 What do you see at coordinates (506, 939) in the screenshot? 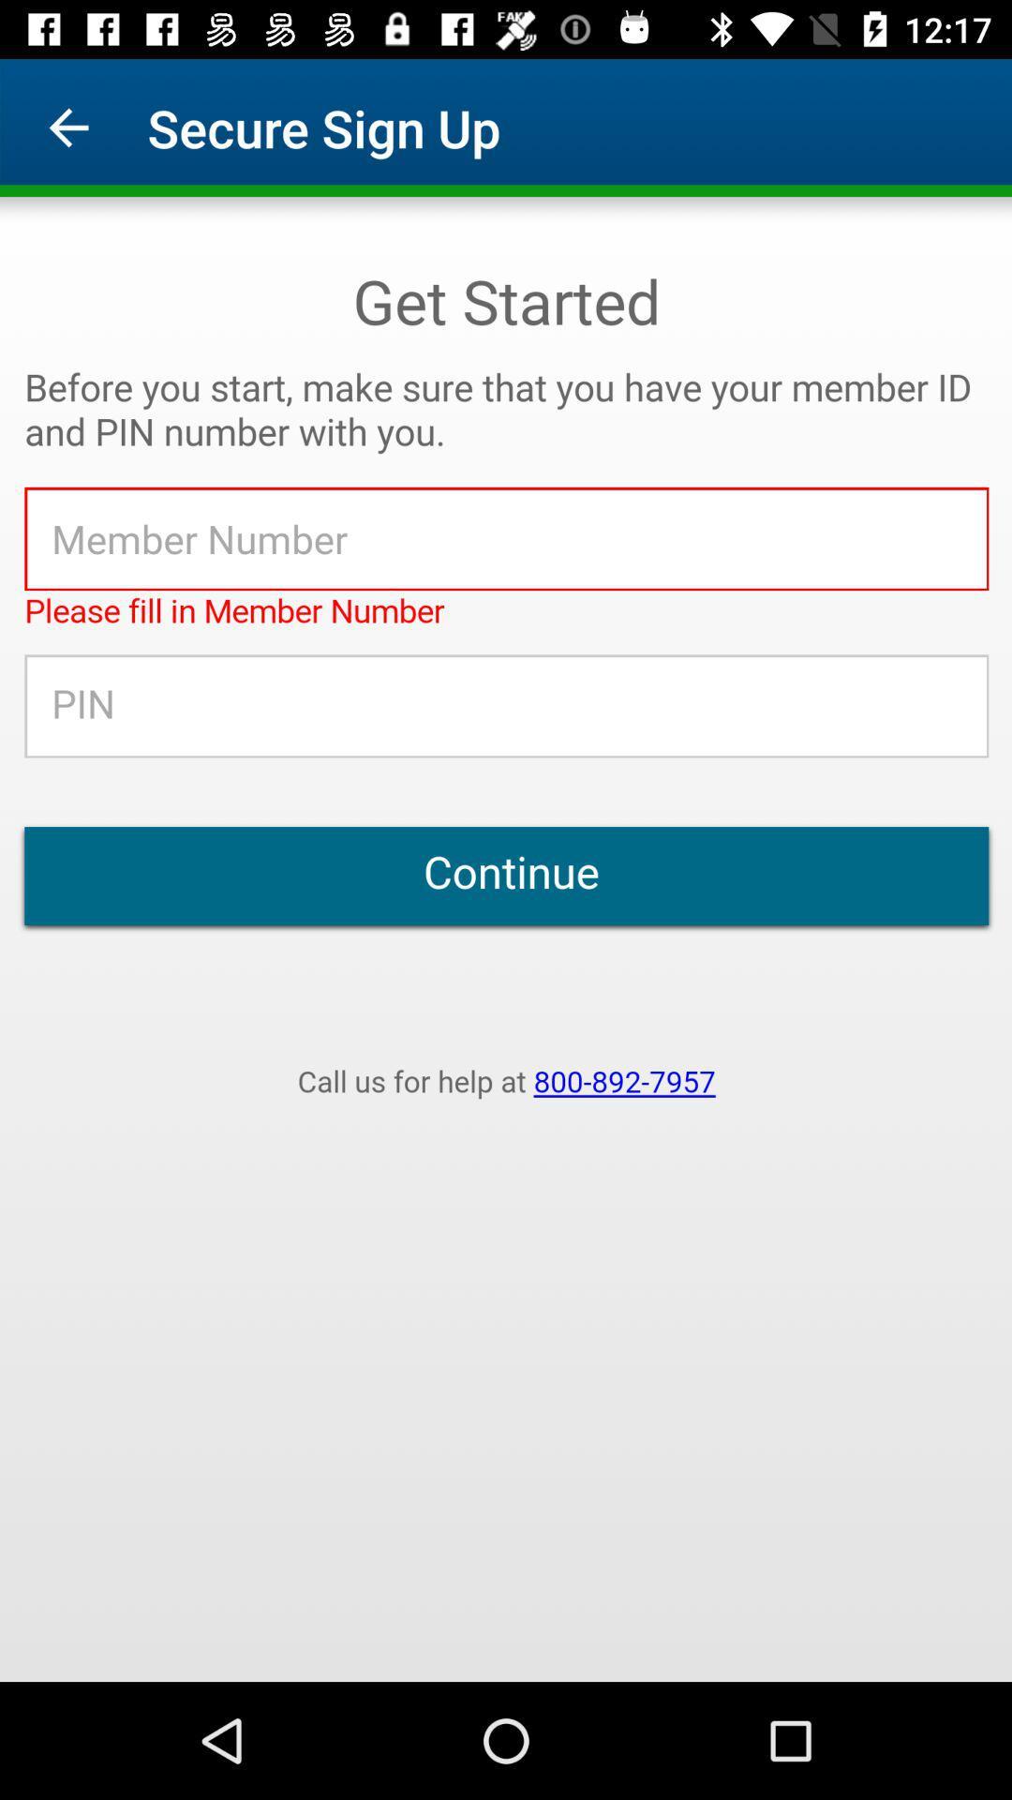
I see `item at the center` at bounding box center [506, 939].